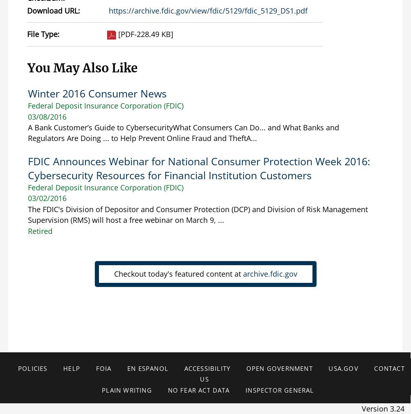  I want to click on 'Winter 2016 Consumer News', so click(96, 93).